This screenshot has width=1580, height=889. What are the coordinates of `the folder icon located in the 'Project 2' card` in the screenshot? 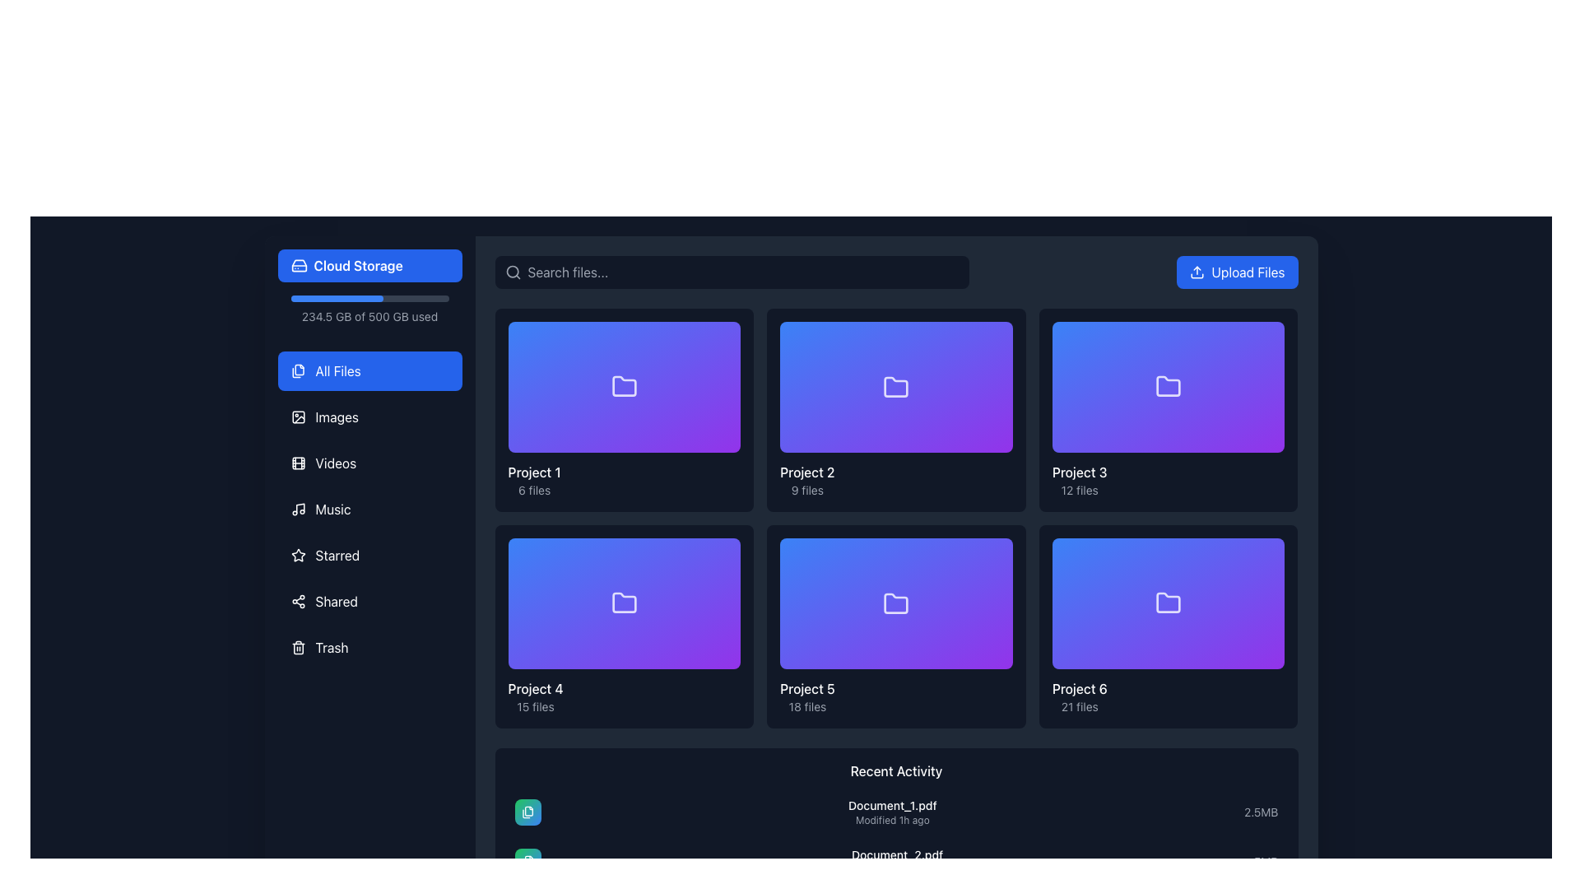 It's located at (895, 386).